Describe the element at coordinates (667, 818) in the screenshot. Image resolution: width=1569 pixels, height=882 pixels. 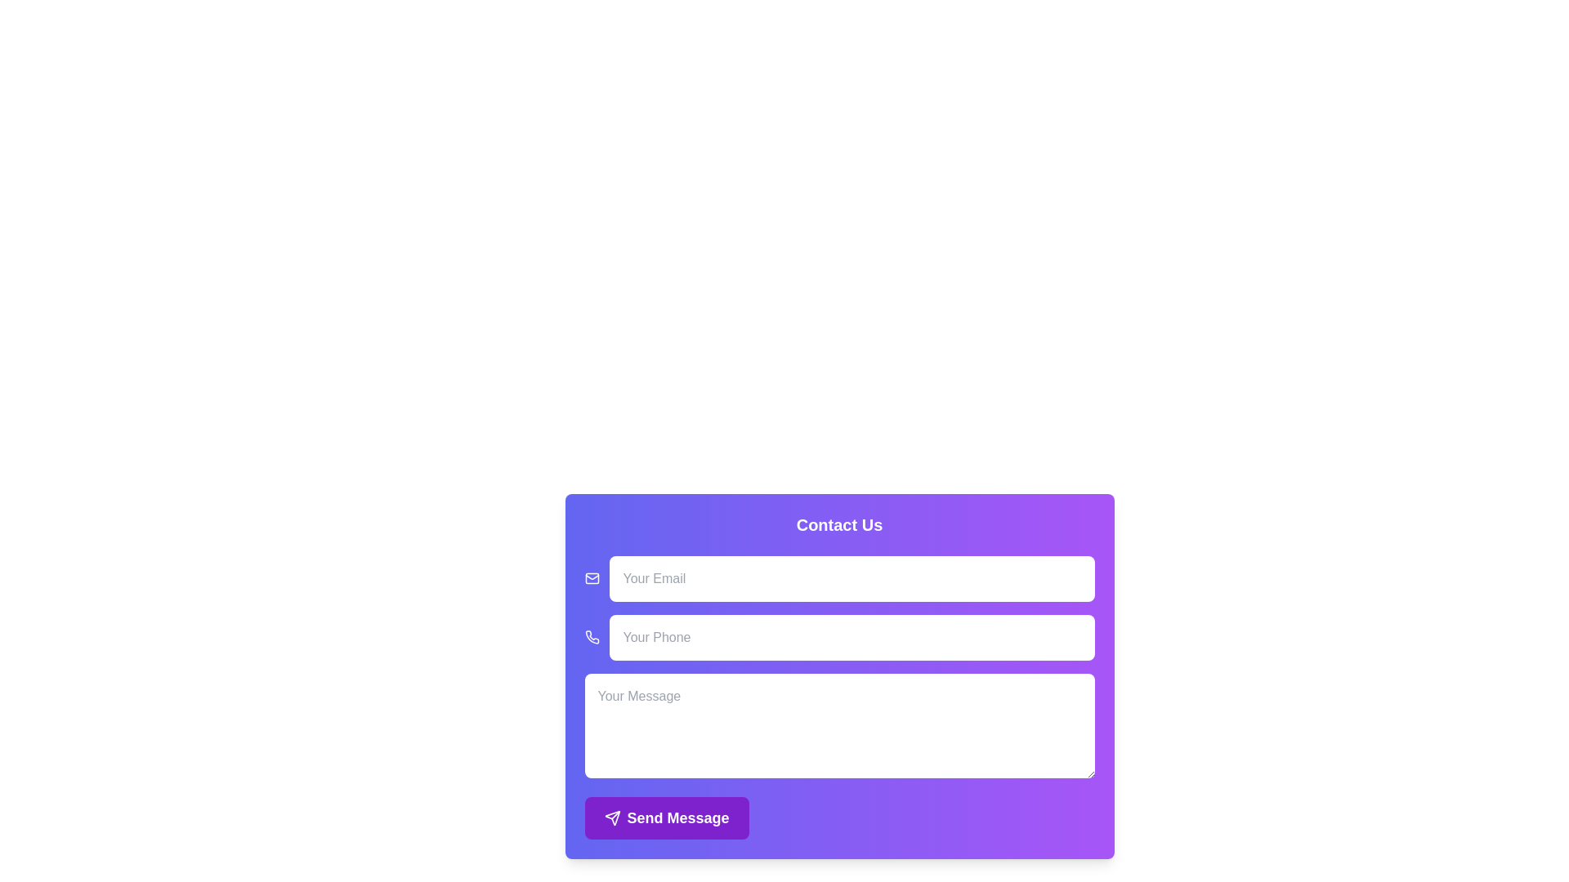
I see `the submit button located at the bottom-left corner of the 'Contact Us' section to trigger an animation or tooltip` at that location.